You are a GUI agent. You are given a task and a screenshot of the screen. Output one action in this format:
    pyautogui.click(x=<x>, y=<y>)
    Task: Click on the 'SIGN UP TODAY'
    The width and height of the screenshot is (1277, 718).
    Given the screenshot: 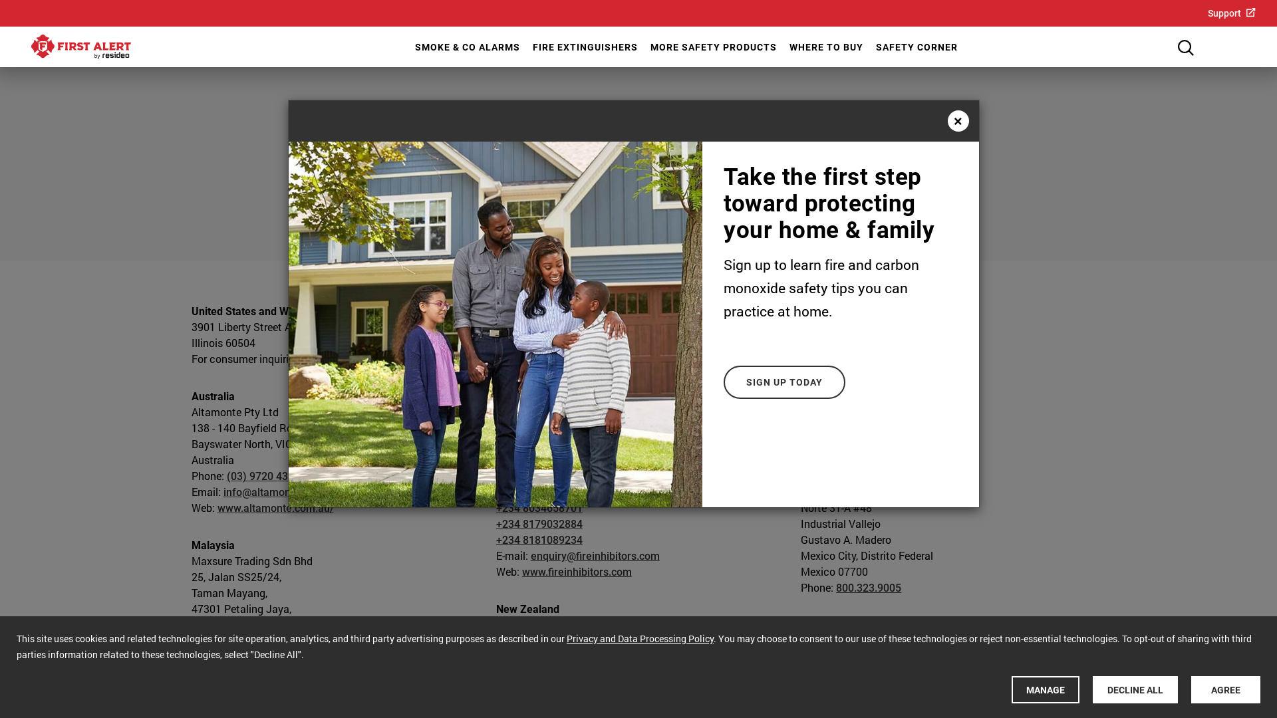 What is the action you would take?
    pyautogui.click(x=784, y=382)
    